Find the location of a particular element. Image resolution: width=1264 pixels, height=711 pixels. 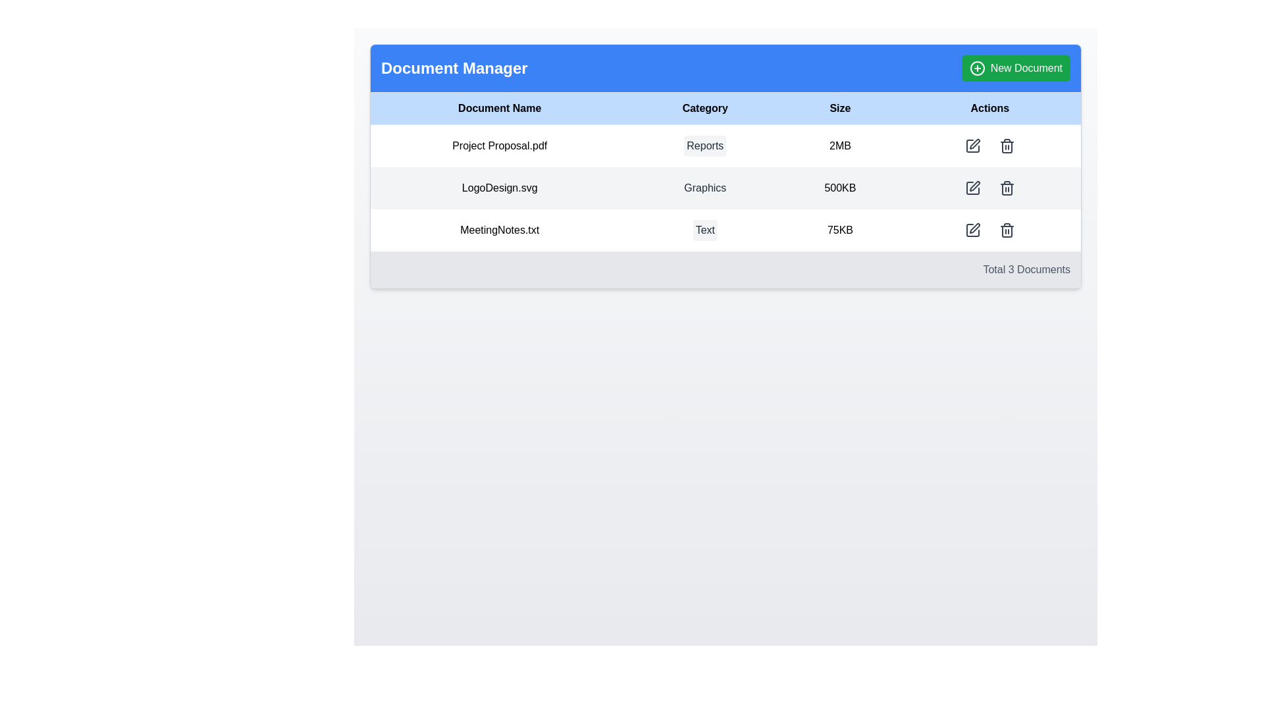

the non-interactive static label displaying the category 'Graphics', located in the second column of the second row in the 'Document Manager' table is located at coordinates (704, 188).